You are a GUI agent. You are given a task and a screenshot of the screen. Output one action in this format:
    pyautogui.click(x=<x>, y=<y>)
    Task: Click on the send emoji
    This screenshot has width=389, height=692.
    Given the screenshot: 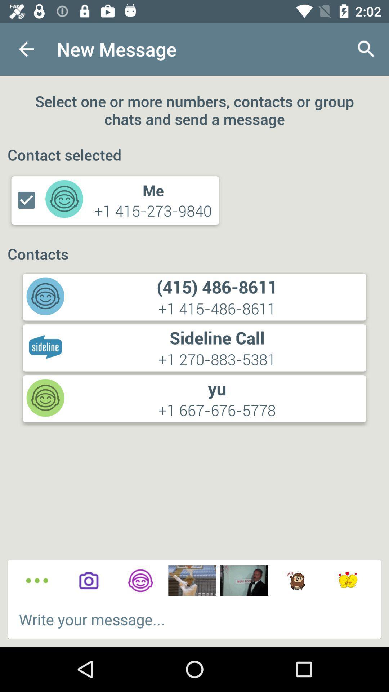 What is the action you would take?
    pyautogui.click(x=347, y=581)
    